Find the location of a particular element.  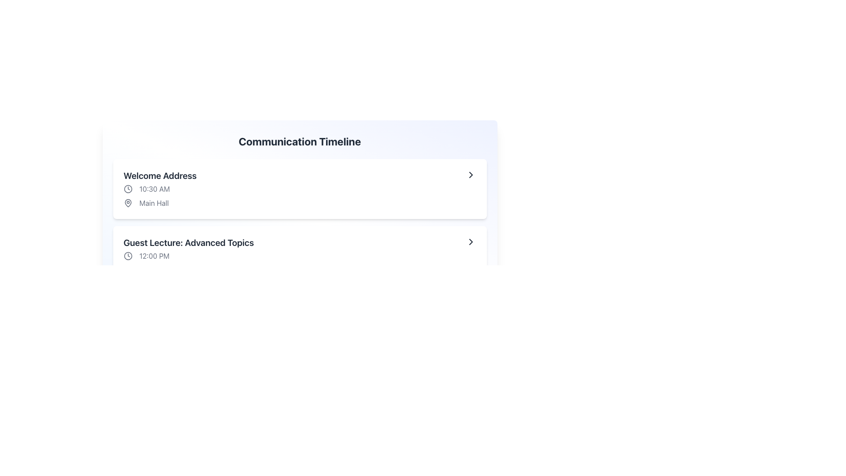

the rightward pointing chevron icon associated with the 'Guest Lecture: Advanced Topics' entry in the 'Communication Timeline' section is located at coordinates (470, 242).